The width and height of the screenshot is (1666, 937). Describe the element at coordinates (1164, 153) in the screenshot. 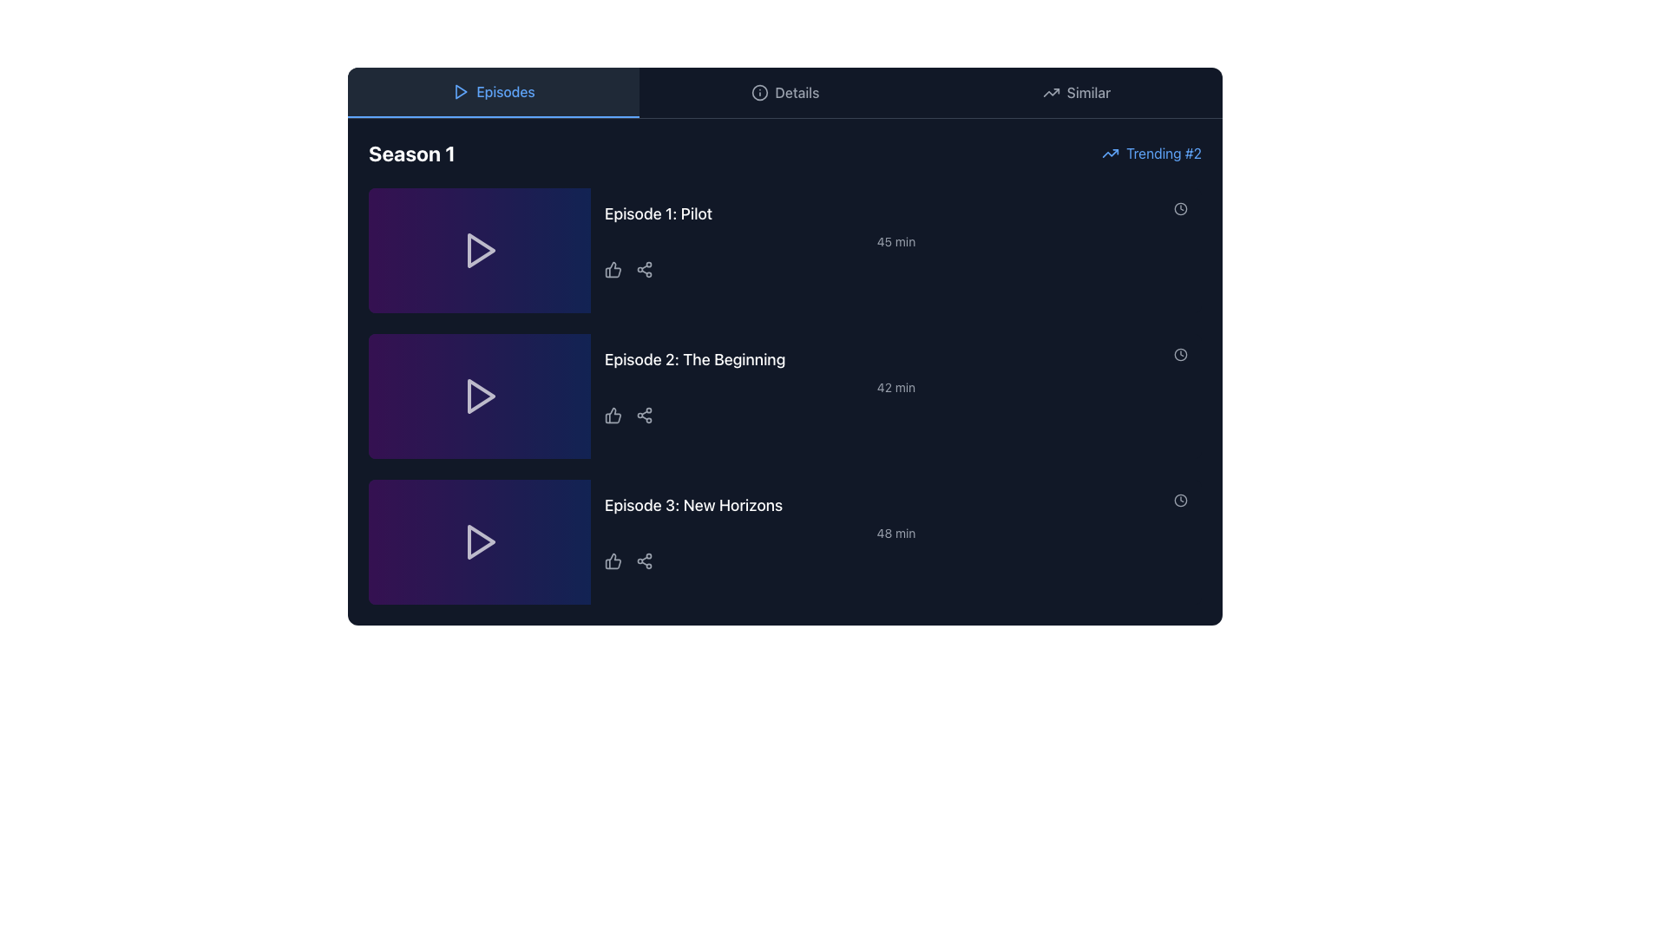

I see `the static label displaying 'Trending #2' in light blue font located in the top-right corner of the panel, adjacent to the trending upward arrow icon` at that location.